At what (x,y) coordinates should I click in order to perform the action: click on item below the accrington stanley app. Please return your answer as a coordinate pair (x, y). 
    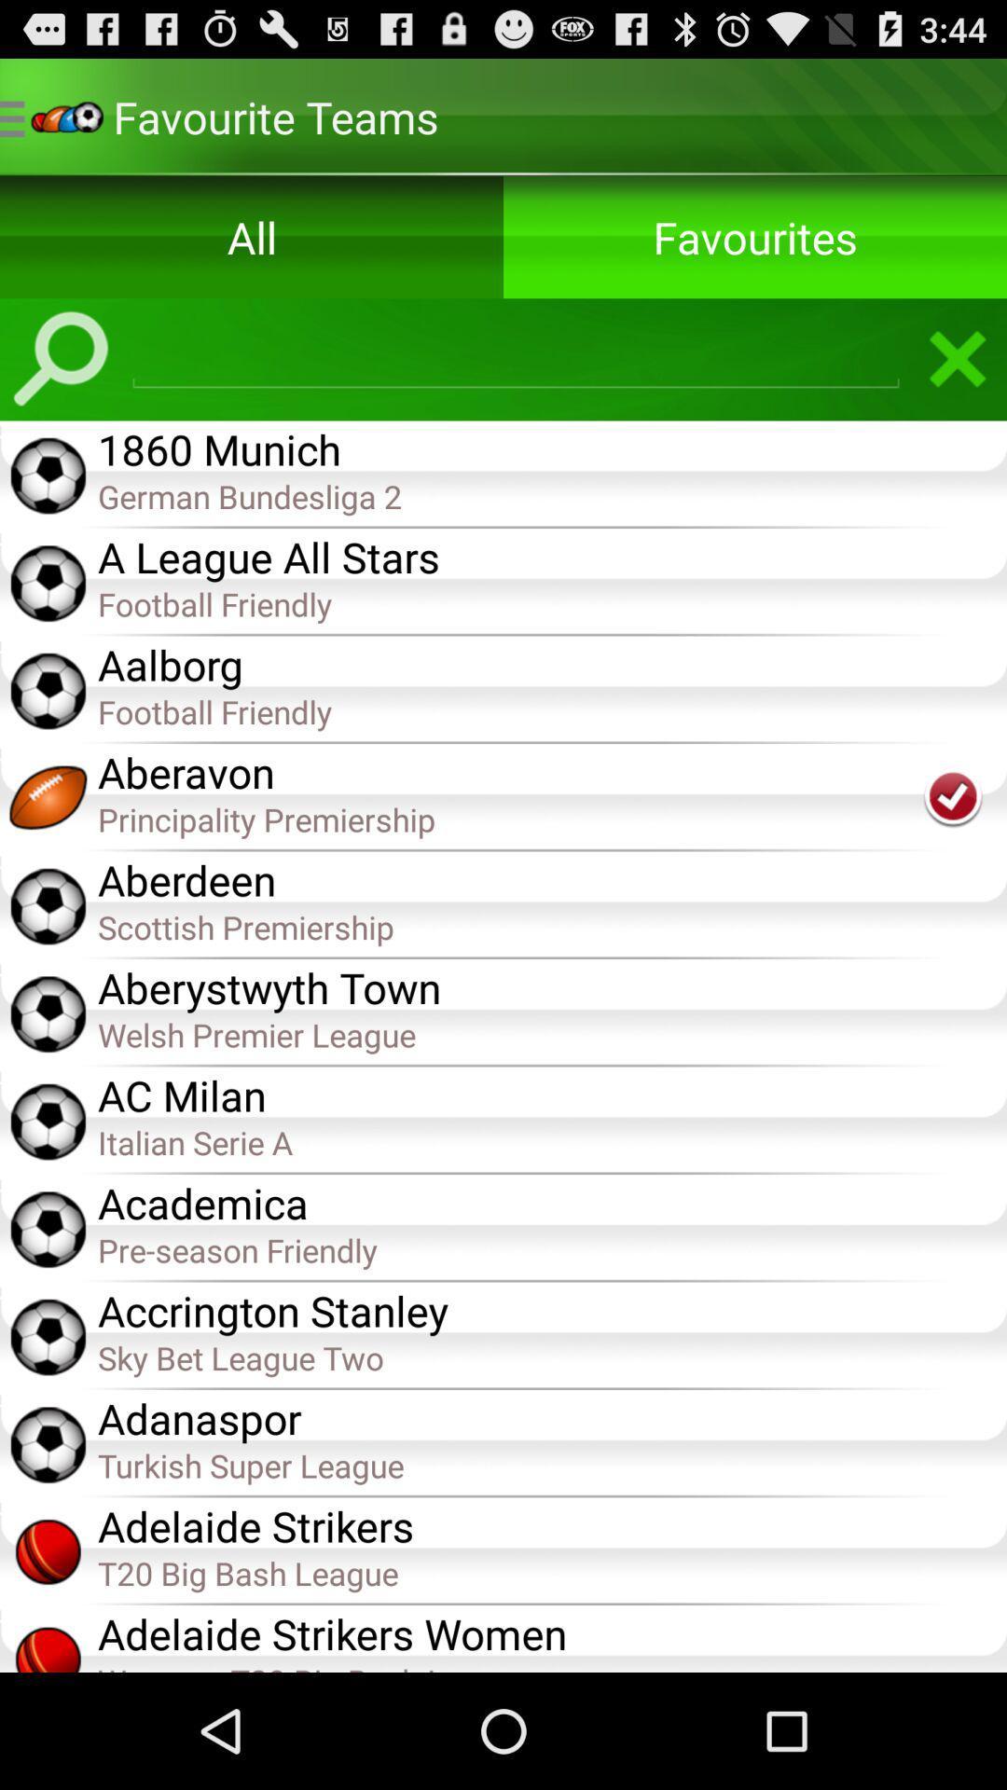
    Looking at the image, I should click on (551, 1356).